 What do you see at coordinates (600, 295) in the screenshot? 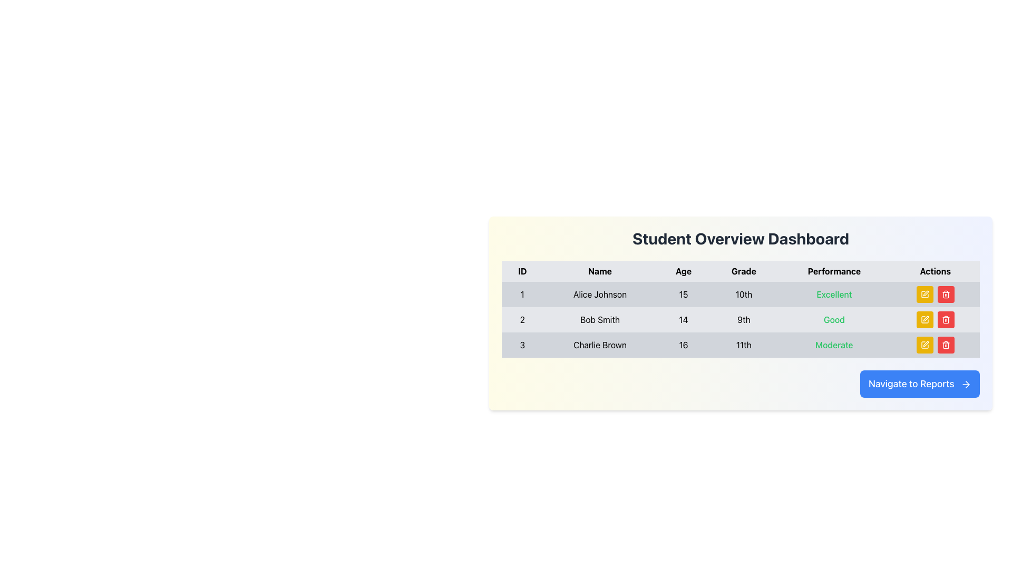
I see `the text label displaying 'Alice Johnson' in the student overview table, which is located in the first student entry row under the 'Name' column` at bounding box center [600, 295].